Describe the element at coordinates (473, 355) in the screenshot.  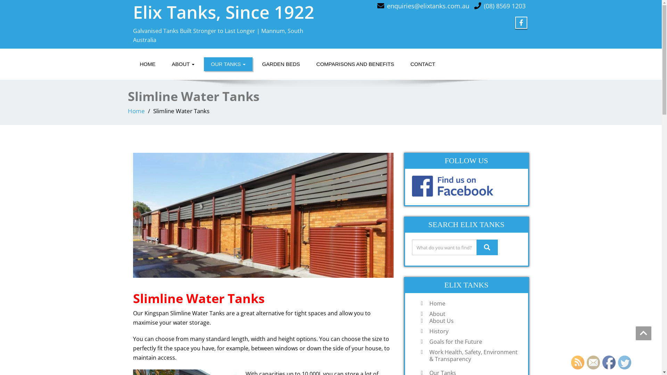
I see `'Work Health, Safety, Environment & Transparency'` at that location.